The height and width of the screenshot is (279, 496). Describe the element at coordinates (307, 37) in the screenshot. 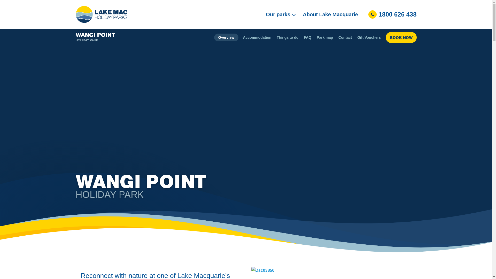

I see `'FAQ'` at that location.